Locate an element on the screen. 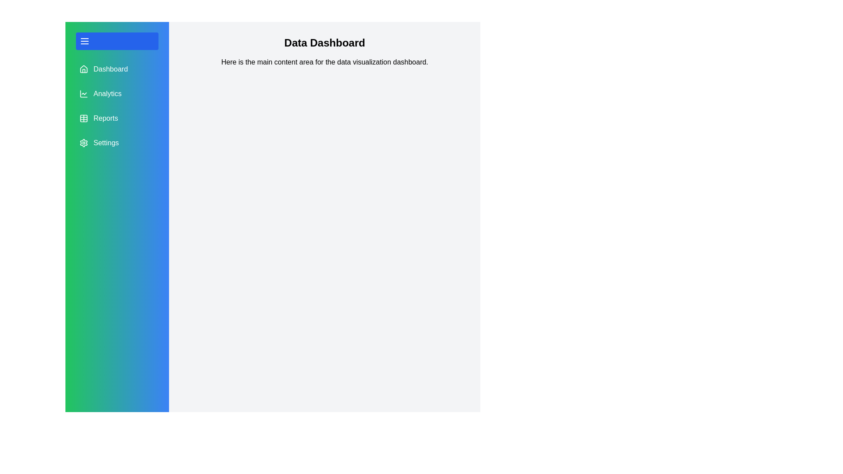  the menu item Reports to observe its hover effect is located at coordinates (117, 118).